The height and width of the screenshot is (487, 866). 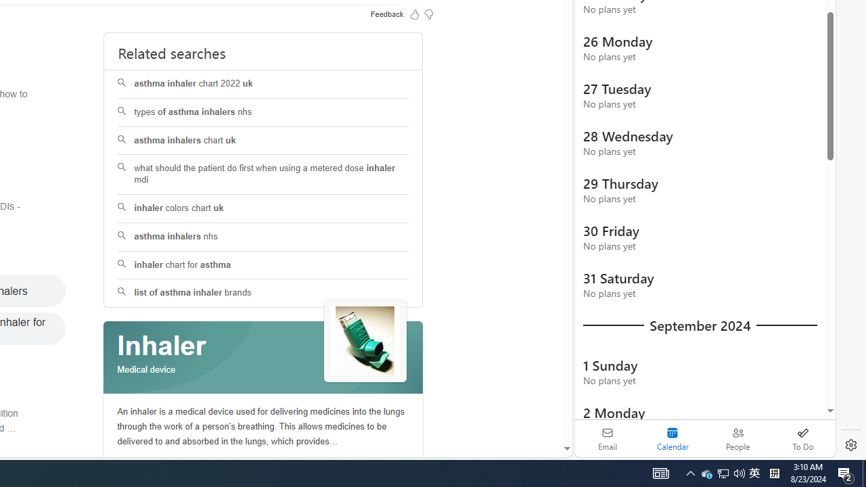 I want to click on 'Class: spl_logobg', so click(x=263, y=357).